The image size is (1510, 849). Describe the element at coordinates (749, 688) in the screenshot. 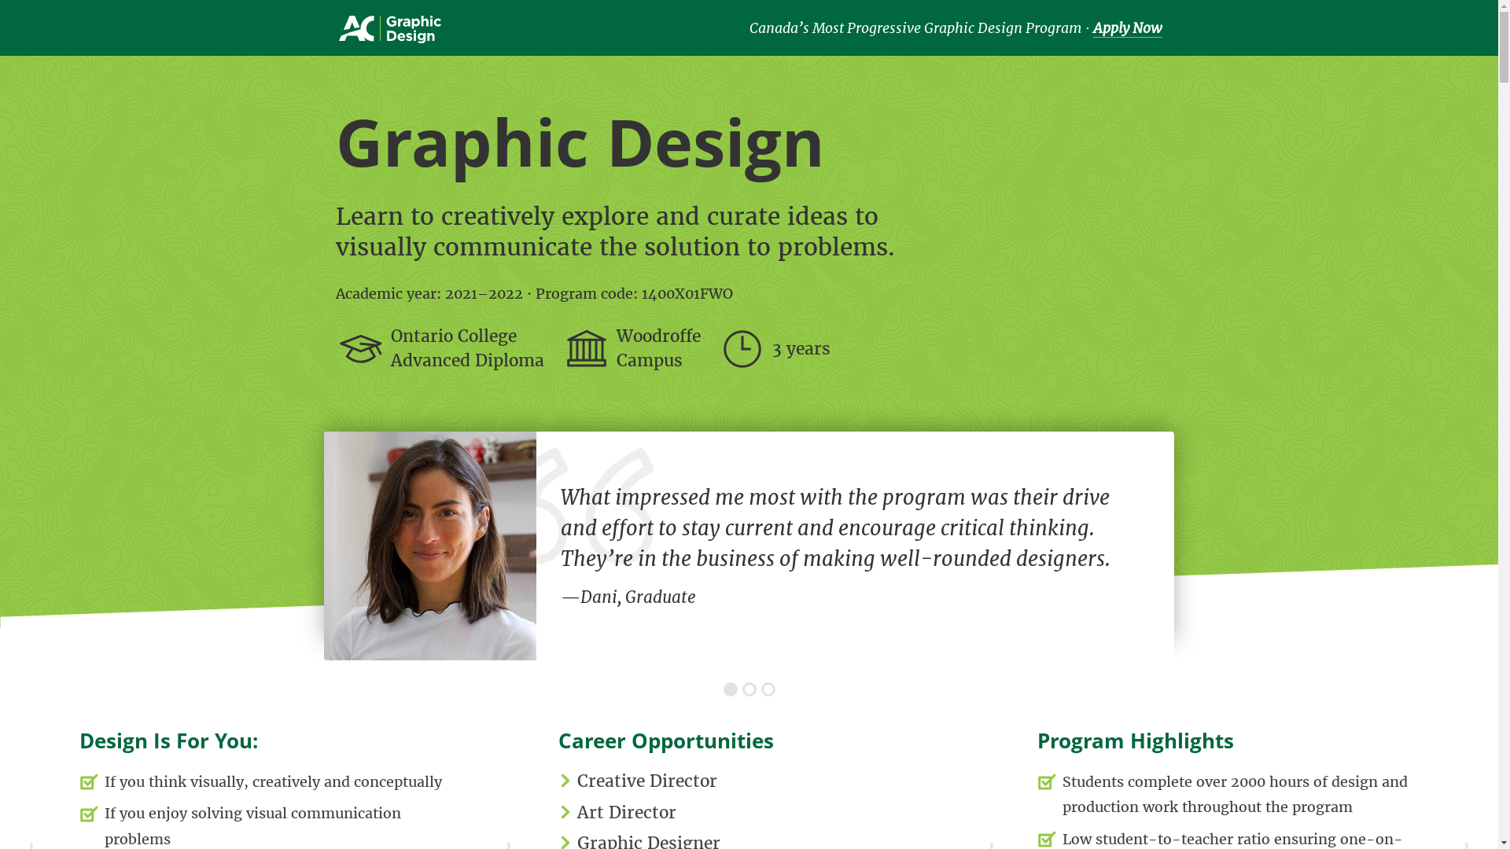

I see `'Show second testimonial'` at that location.